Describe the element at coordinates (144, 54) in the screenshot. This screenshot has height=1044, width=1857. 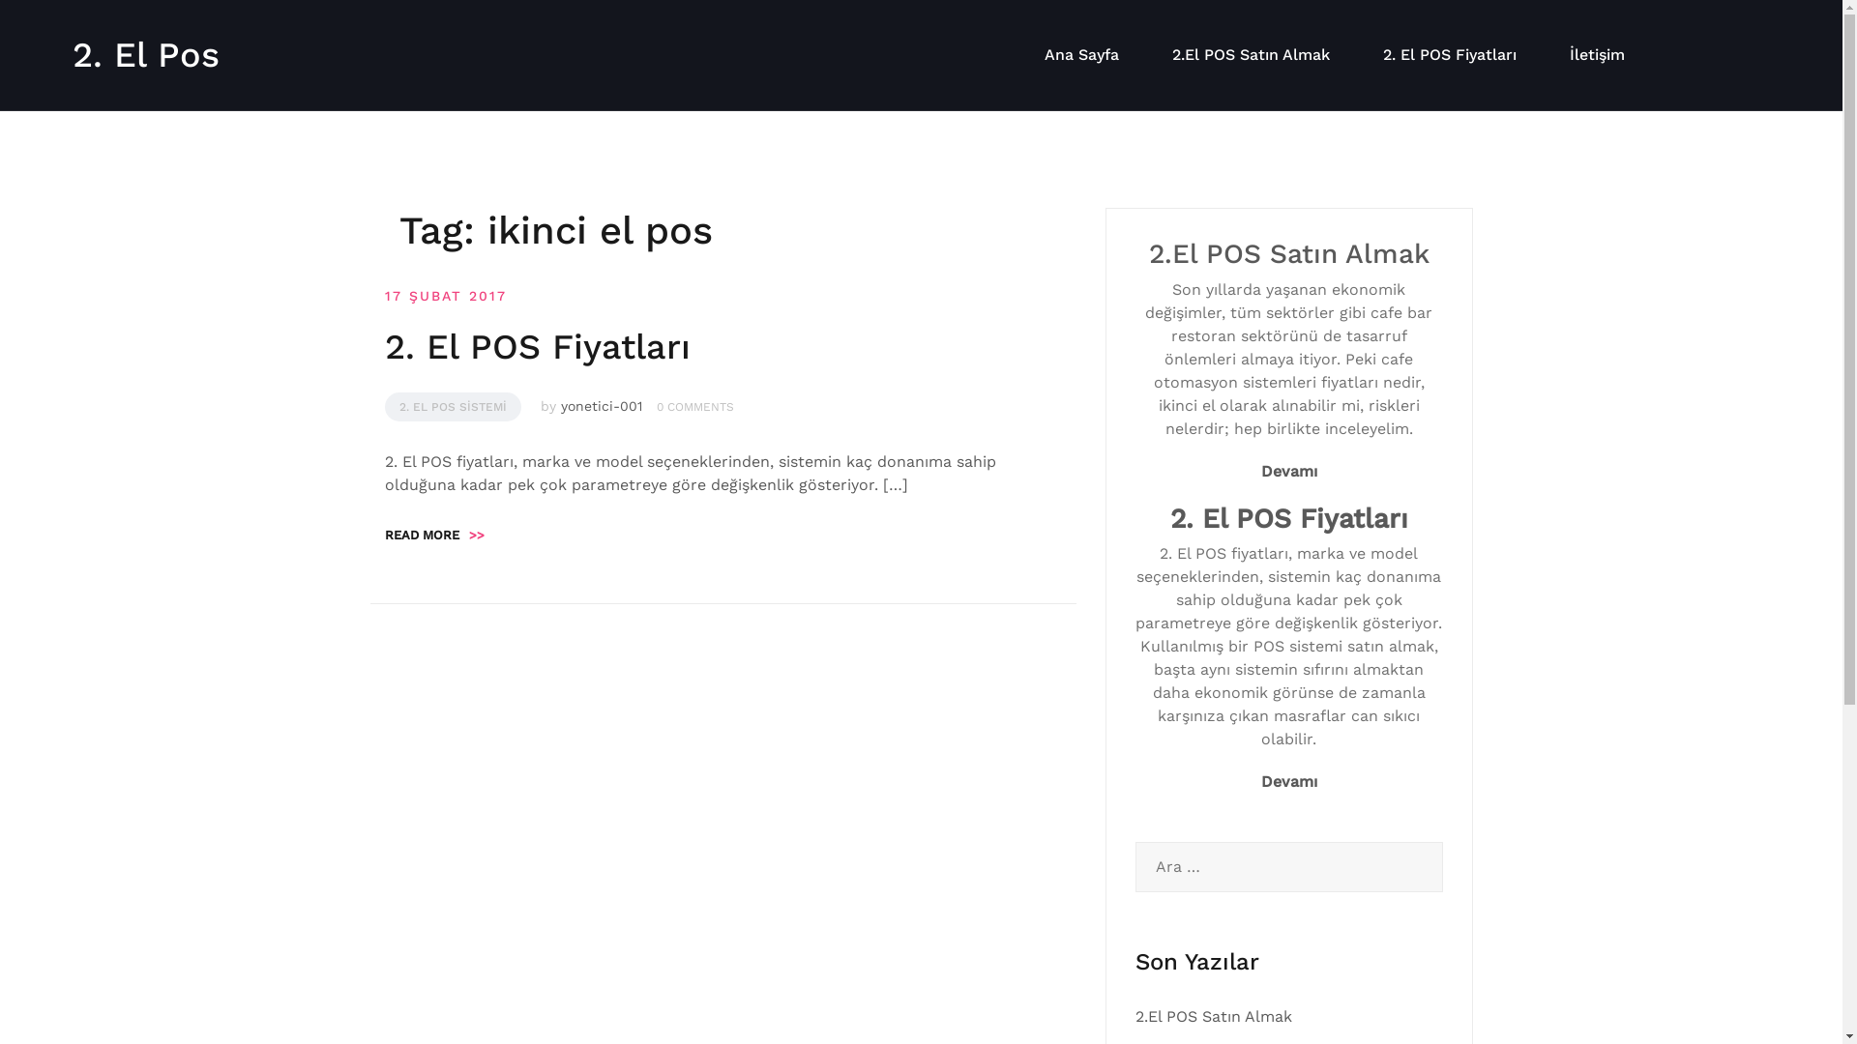
I see `'2. El Pos'` at that location.